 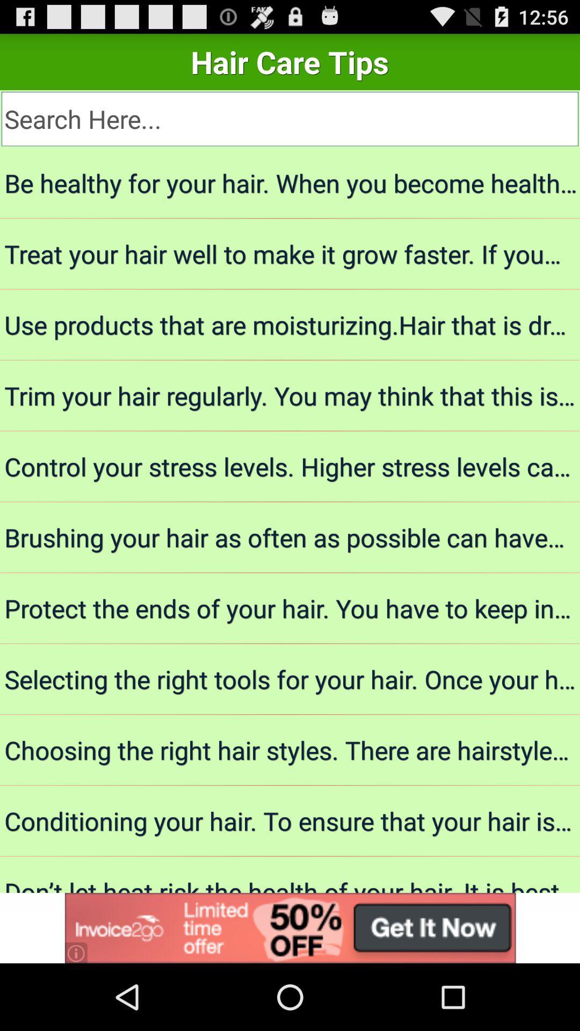 What do you see at coordinates (290, 119) in the screenshot?
I see `search tips` at bounding box center [290, 119].